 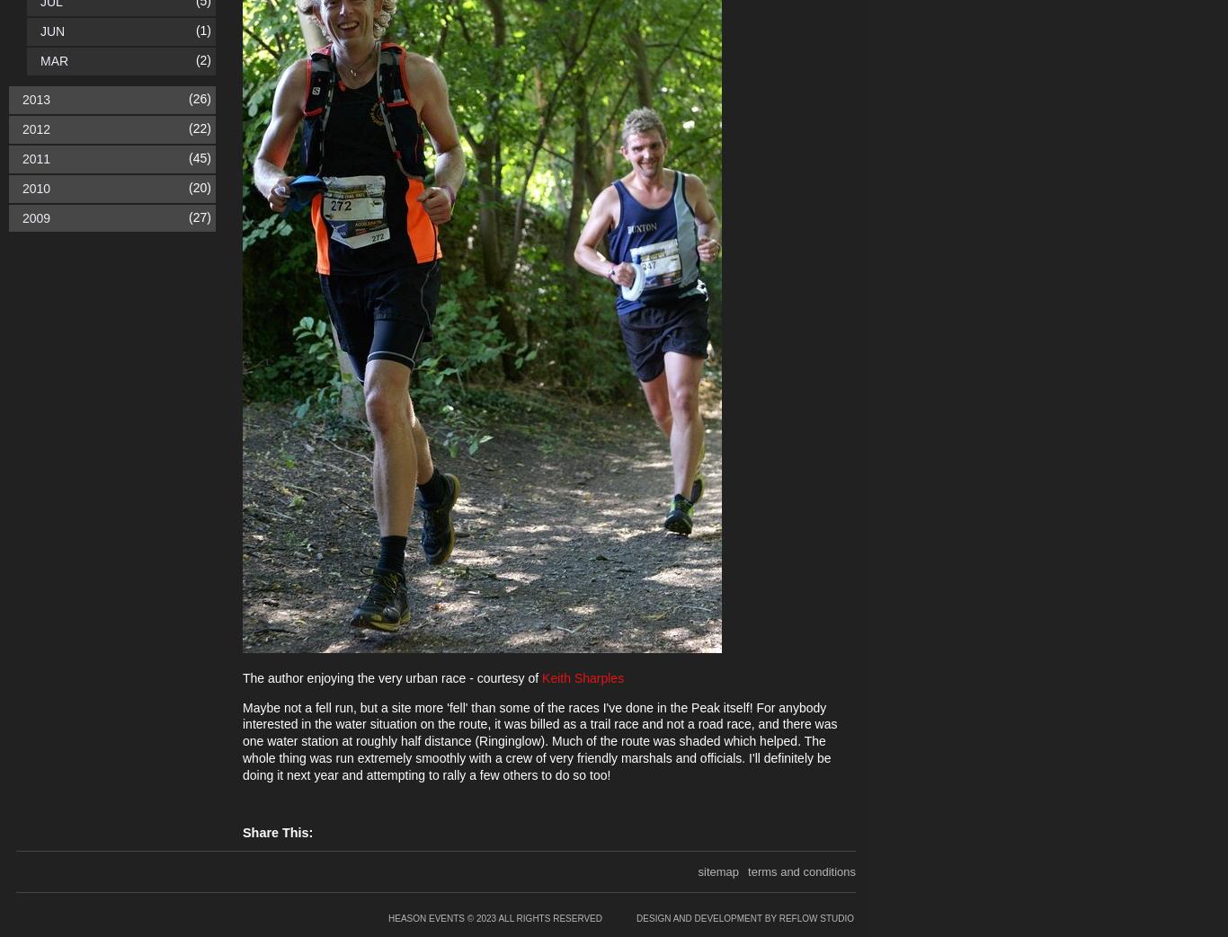 I want to click on '2009', so click(x=36, y=217).